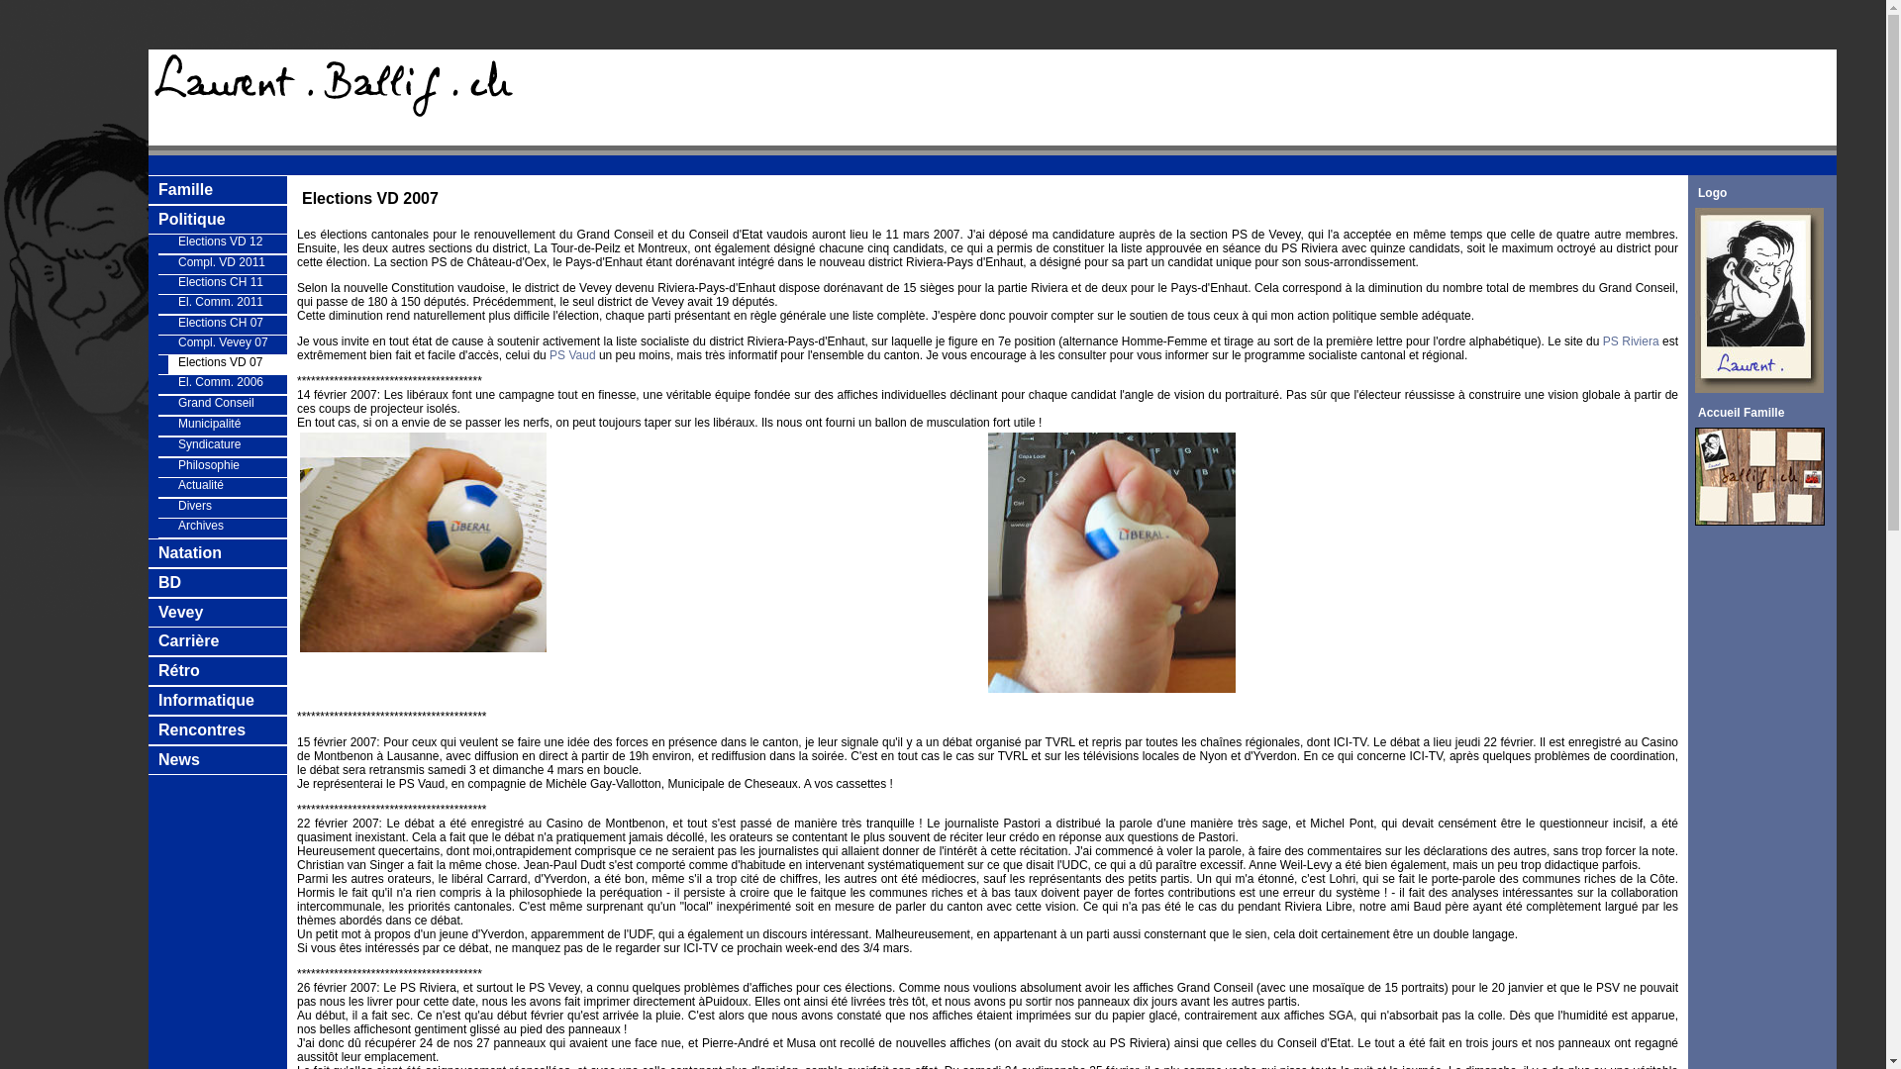 The width and height of the screenshot is (1901, 1069). I want to click on 'El. Comm. 2011', so click(231, 301).